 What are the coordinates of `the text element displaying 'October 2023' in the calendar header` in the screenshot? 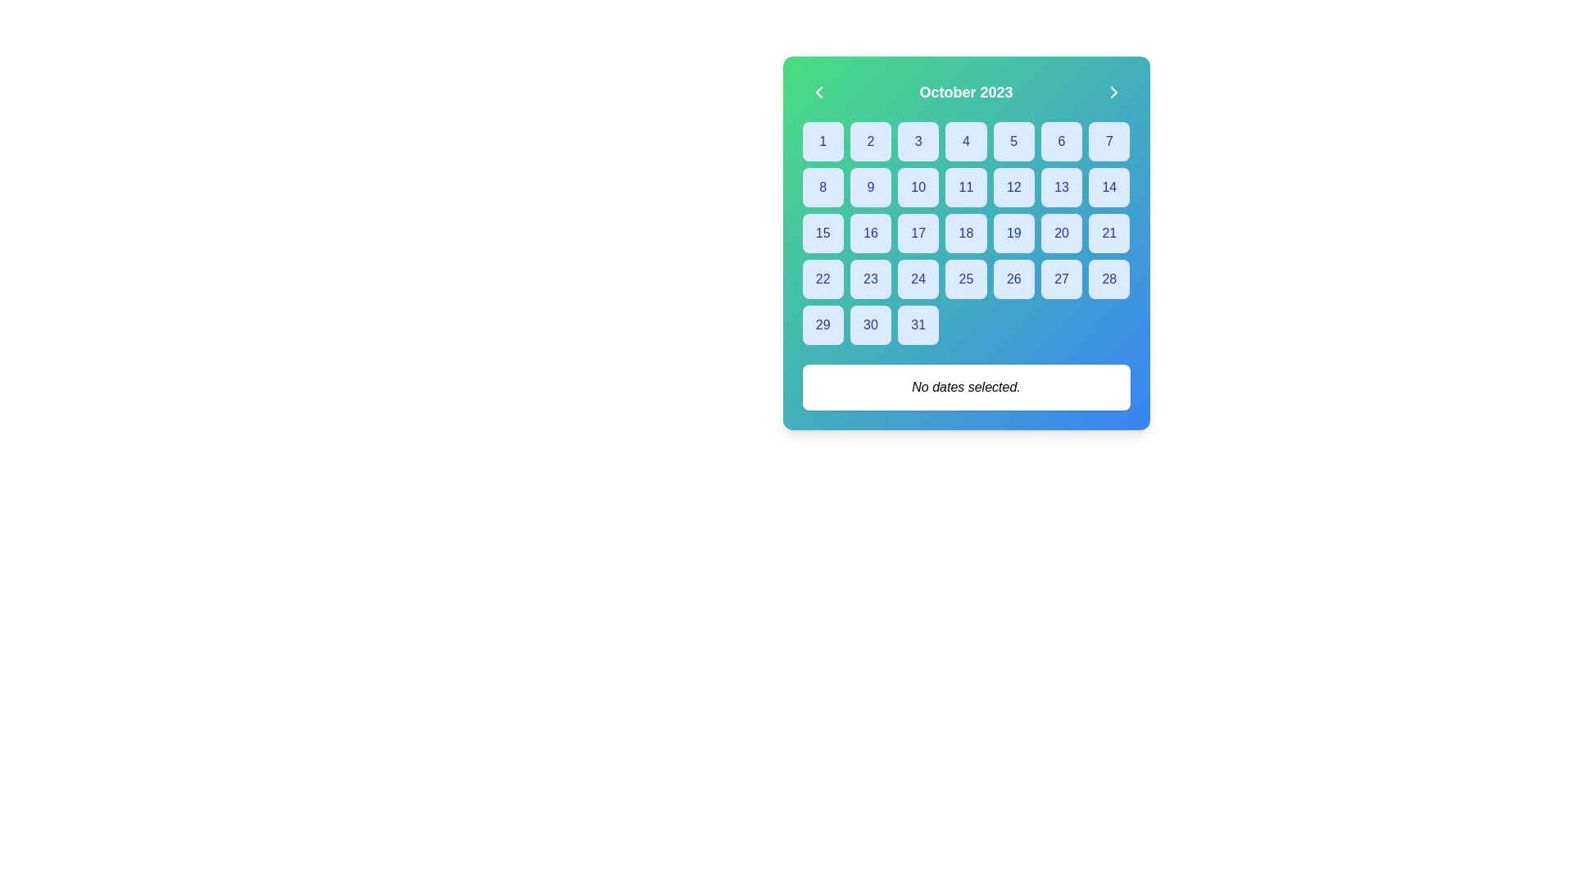 It's located at (966, 92).